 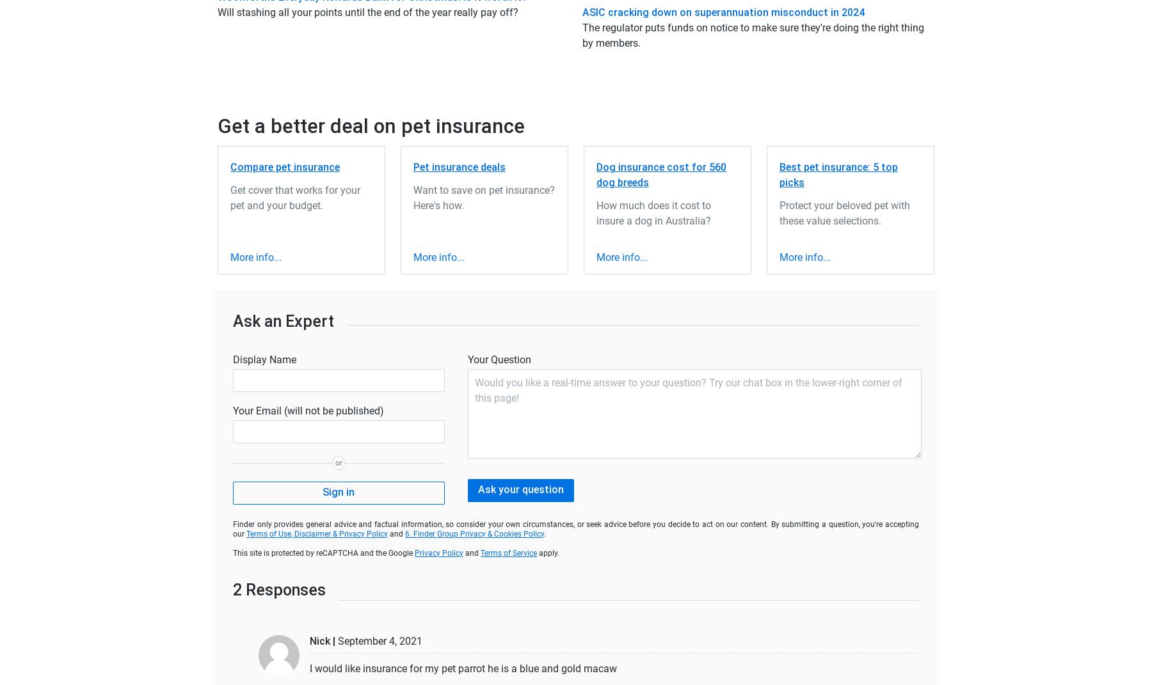 What do you see at coordinates (438, 552) in the screenshot?
I see `'Privacy Policy'` at bounding box center [438, 552].